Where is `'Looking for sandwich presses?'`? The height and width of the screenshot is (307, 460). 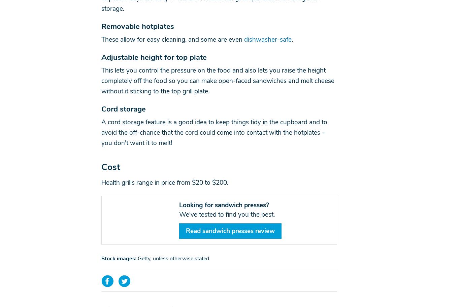
'Looking for sandwich presses?' is located at coordinates (178, 205).